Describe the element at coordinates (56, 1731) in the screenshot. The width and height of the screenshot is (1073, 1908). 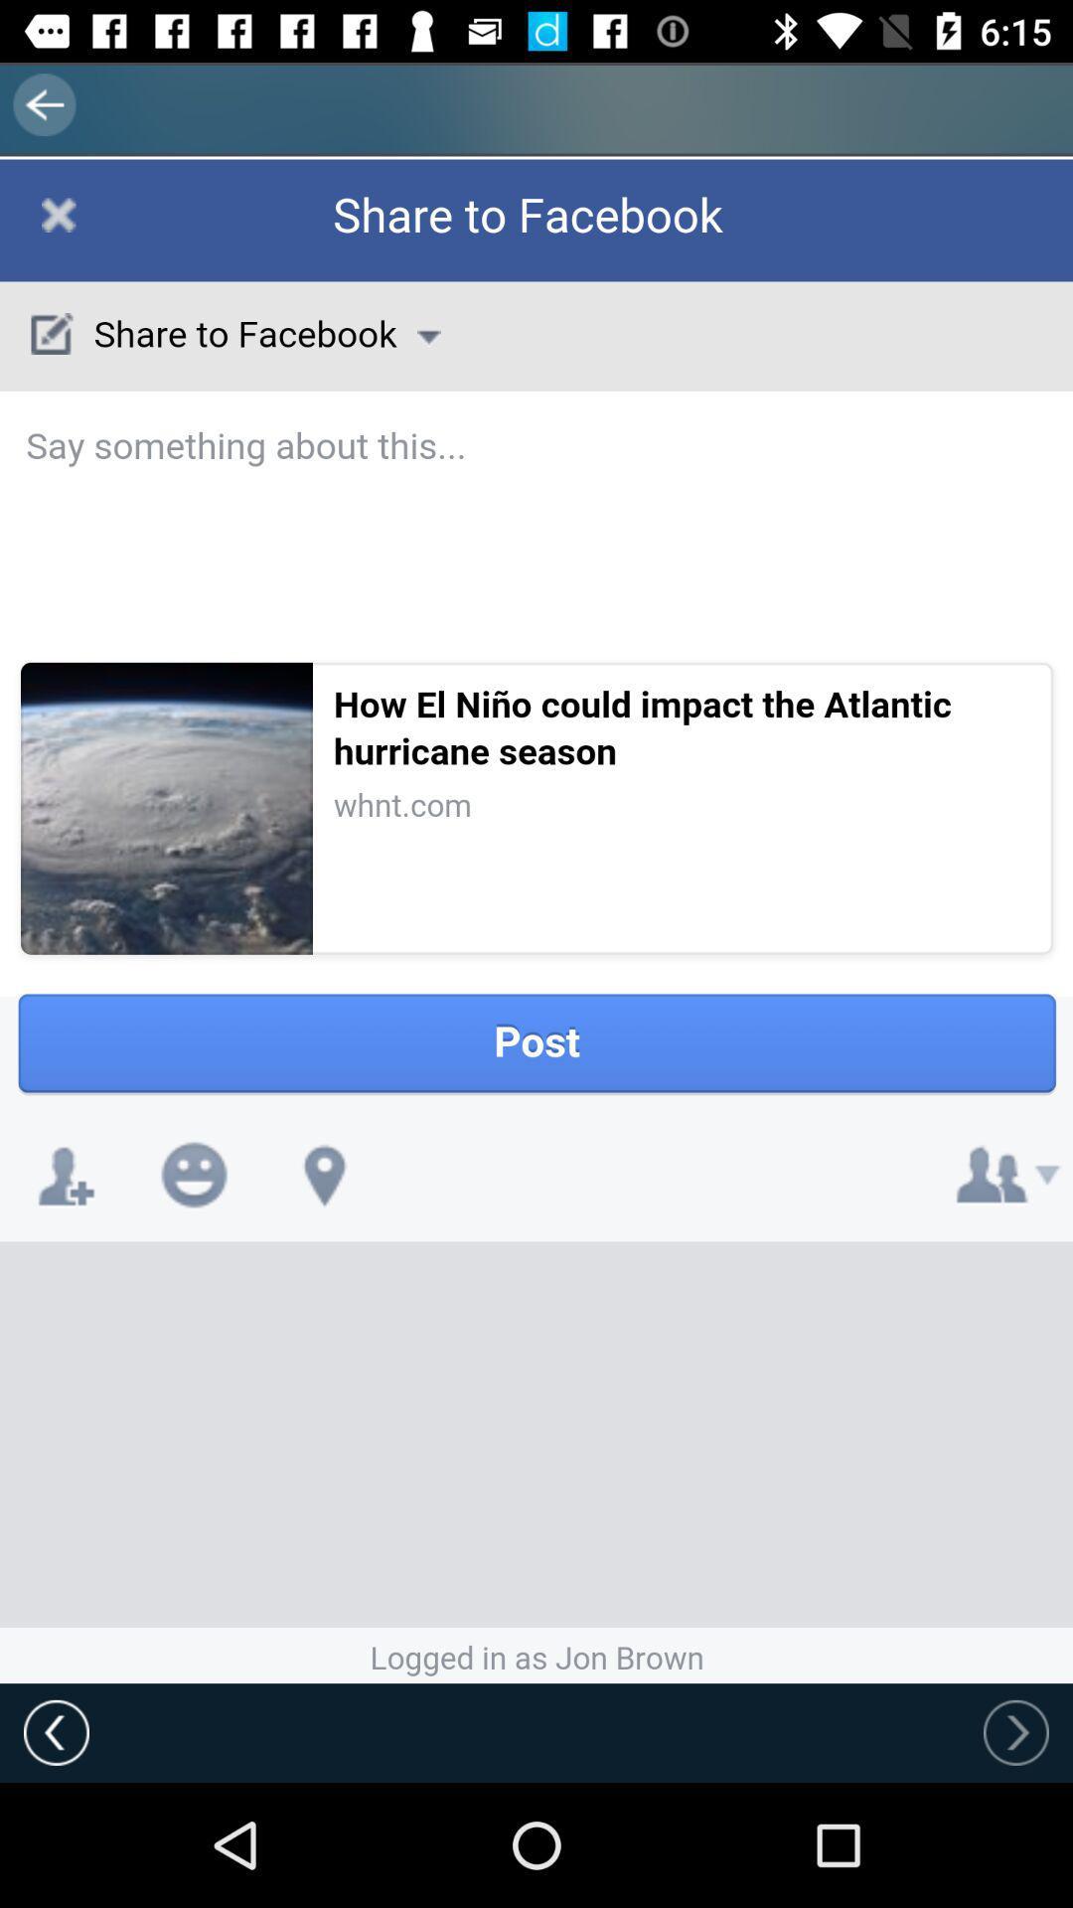
I see `previous` at that location.